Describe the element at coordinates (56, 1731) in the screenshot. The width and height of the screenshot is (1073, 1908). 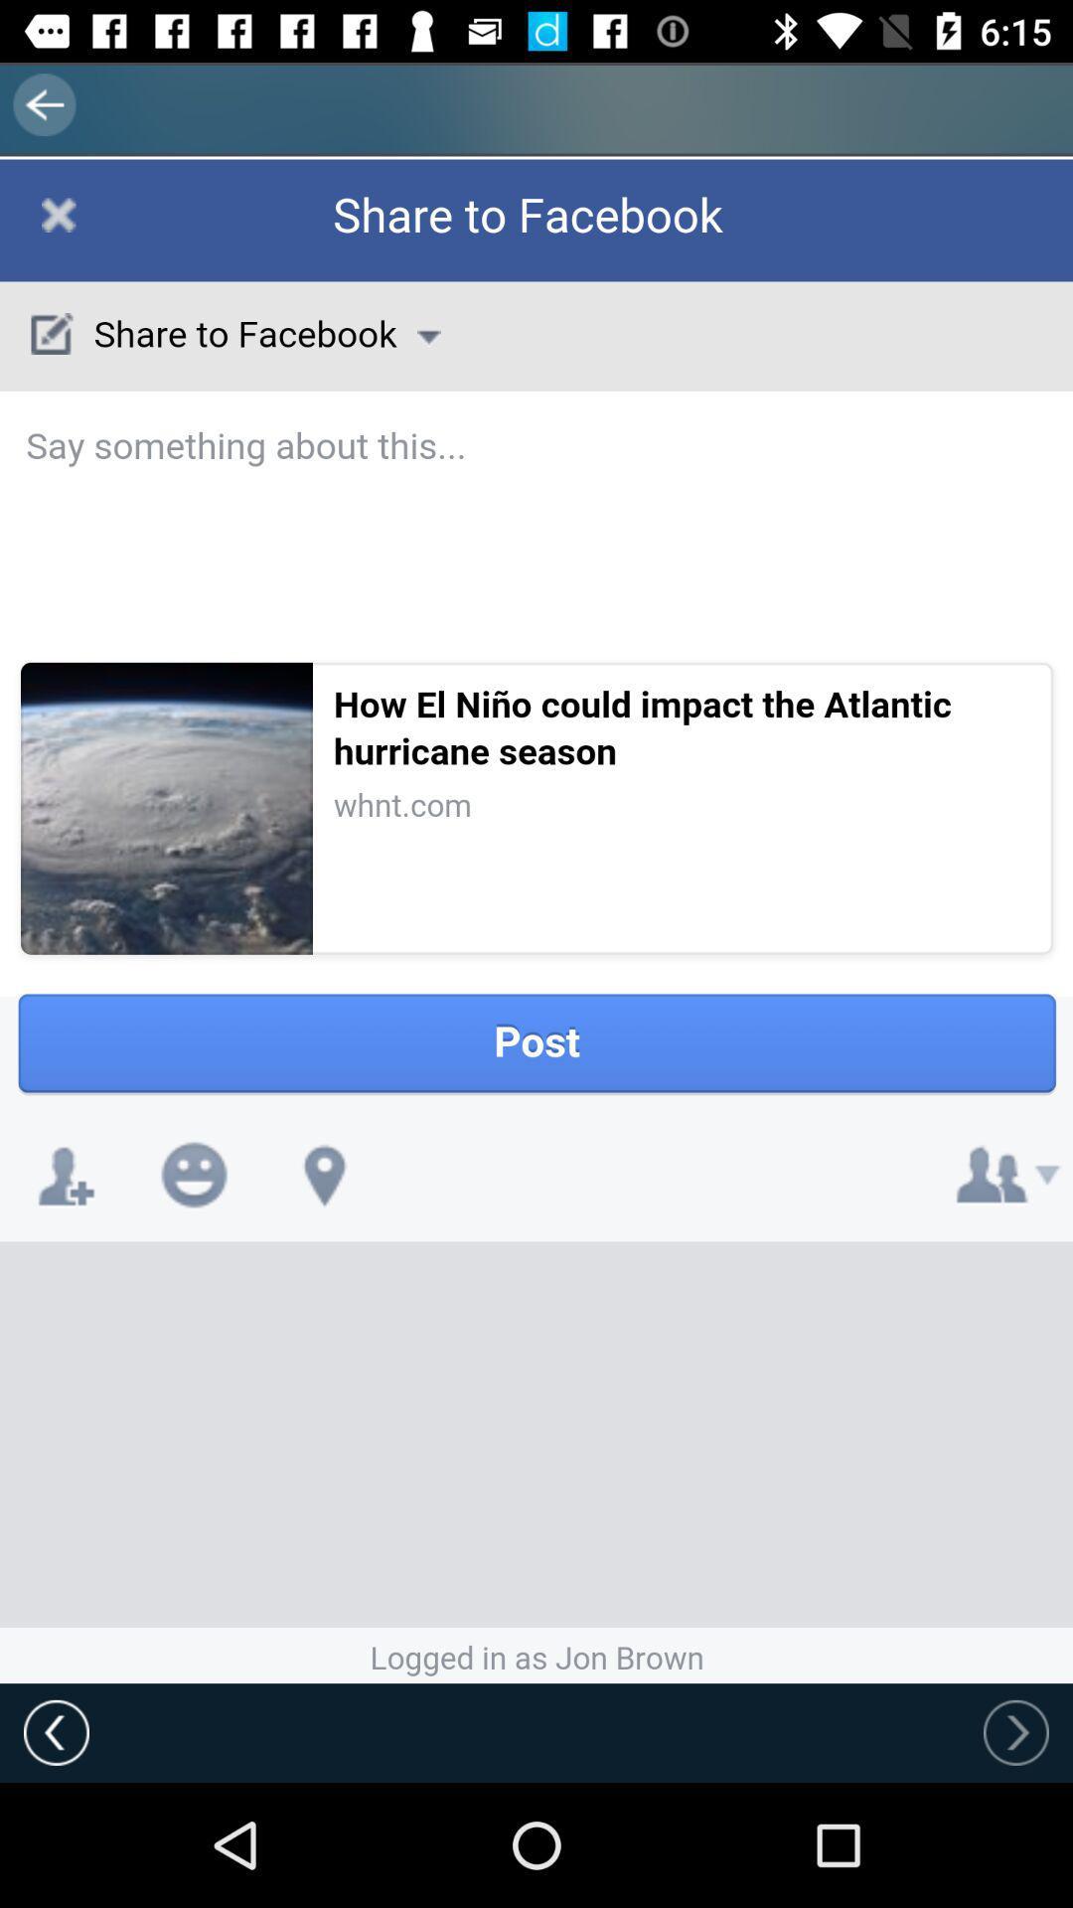
I see `previous` at that location.